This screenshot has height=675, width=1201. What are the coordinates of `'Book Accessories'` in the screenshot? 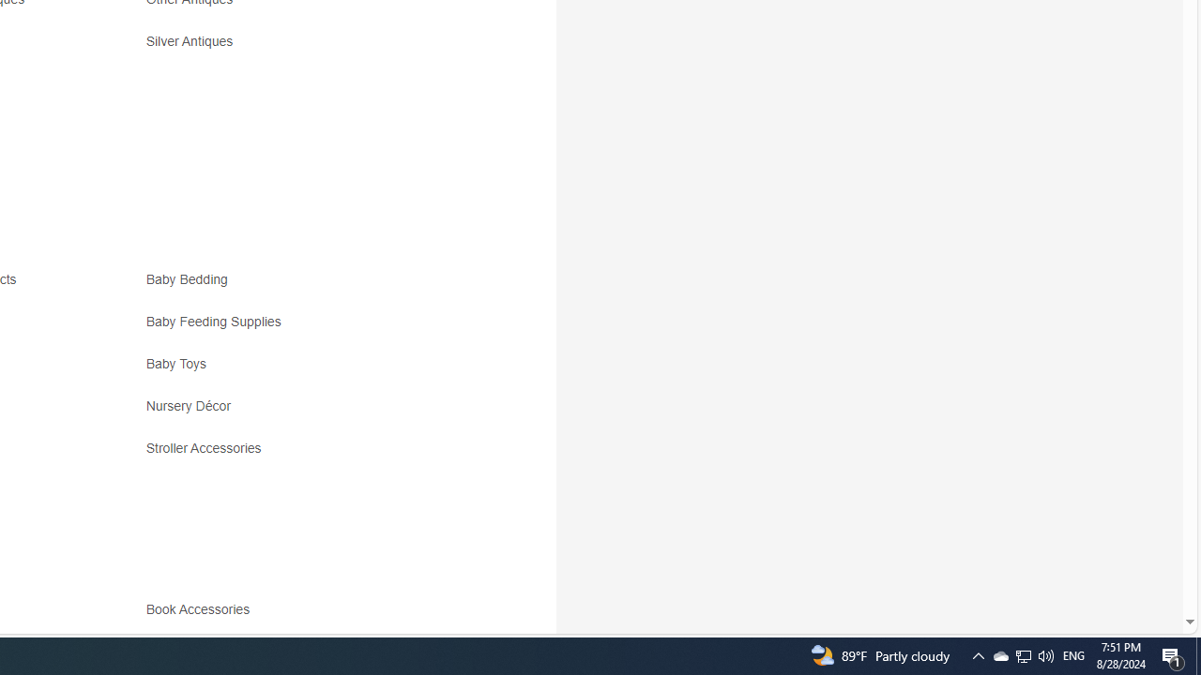 It's located at (312, 616).